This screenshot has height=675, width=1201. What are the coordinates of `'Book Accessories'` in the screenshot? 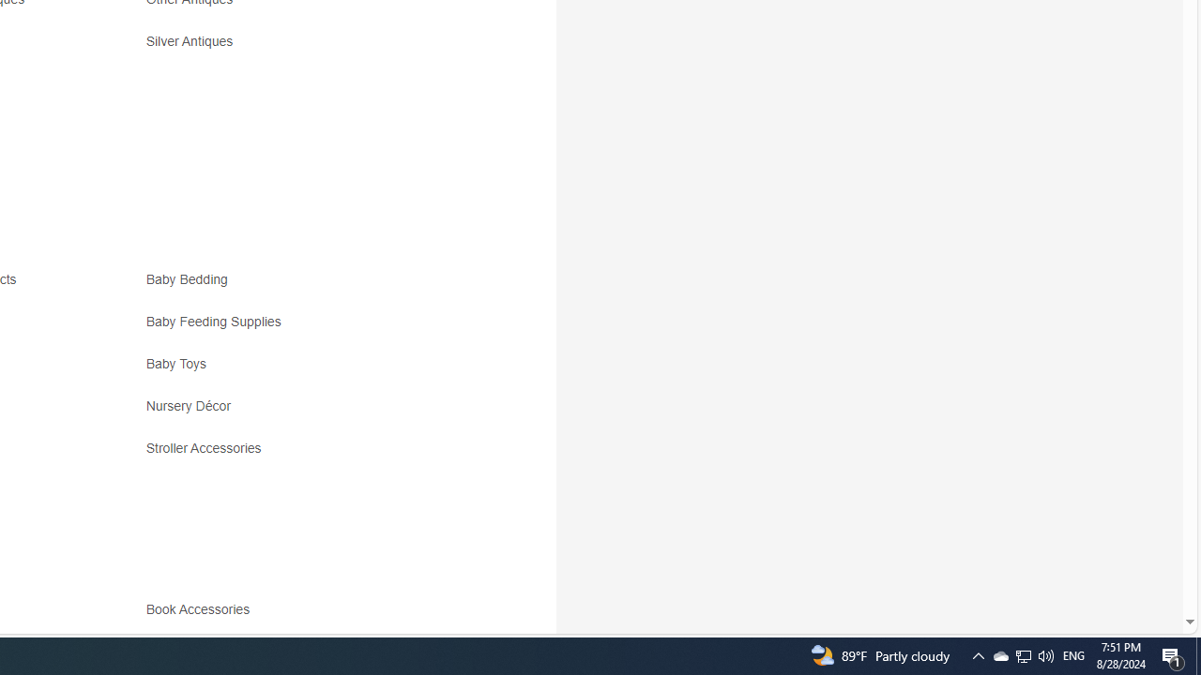 It's located at (312, 616).